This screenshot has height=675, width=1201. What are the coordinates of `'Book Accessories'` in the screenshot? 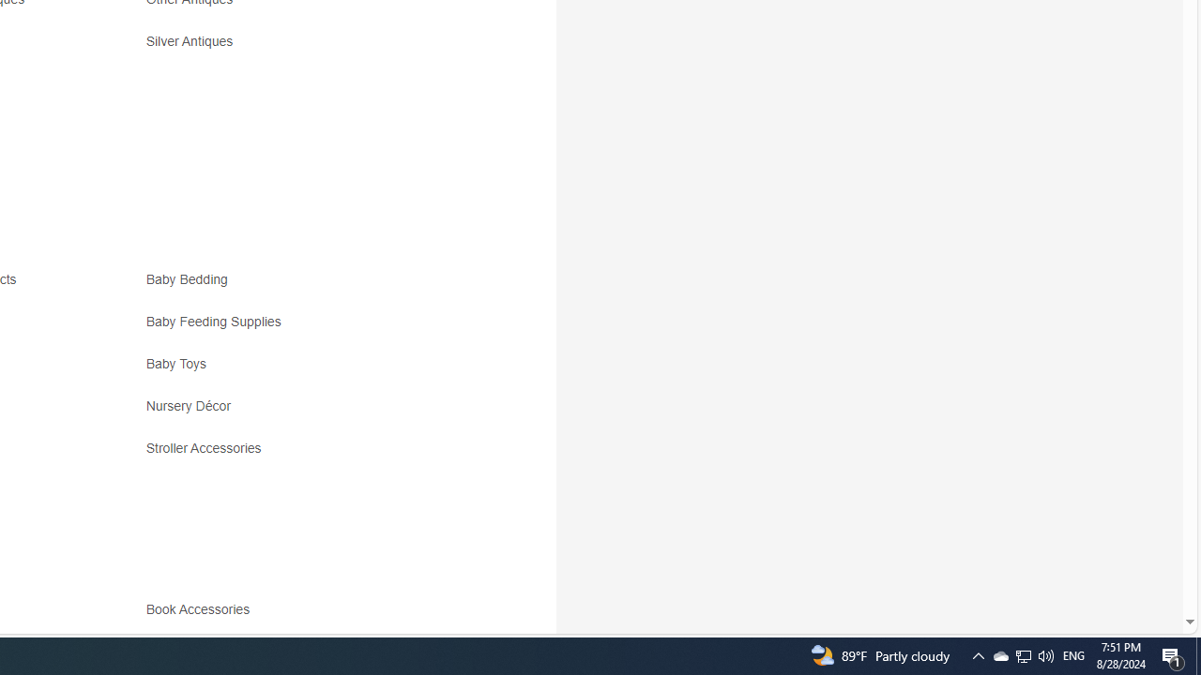 It's located at (312, 616).